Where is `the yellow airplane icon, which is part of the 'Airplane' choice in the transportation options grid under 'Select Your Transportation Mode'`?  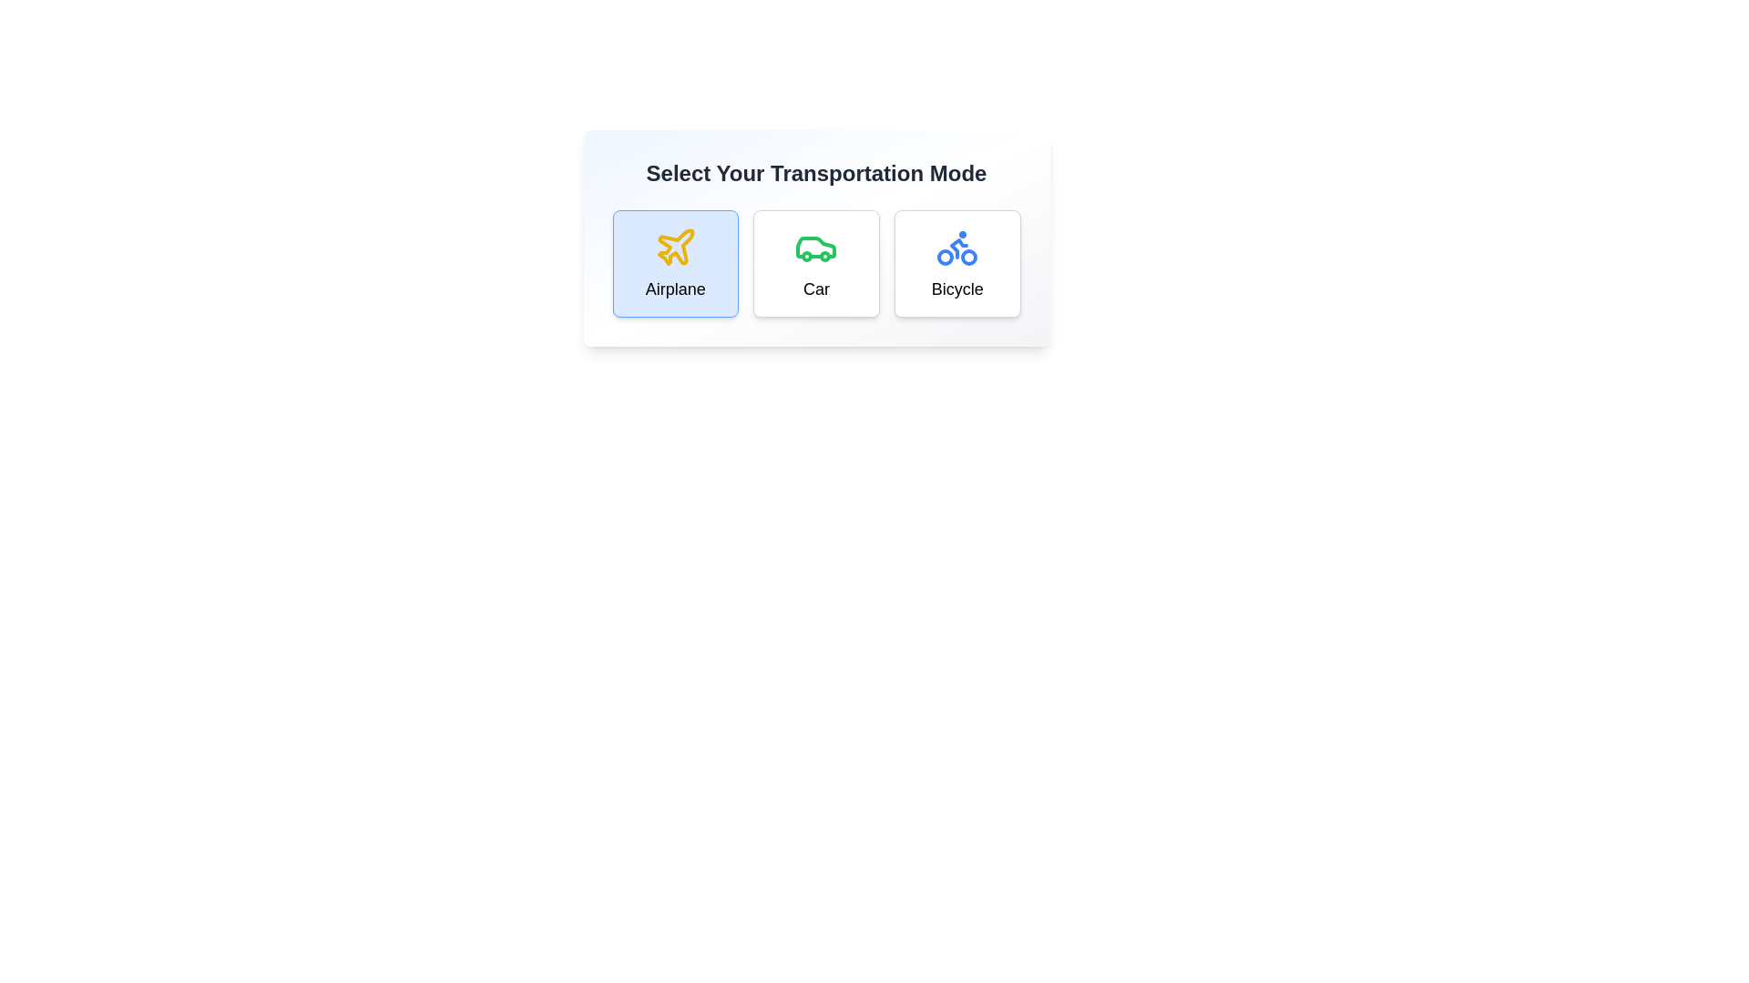 the yellow airplane icon, which is part of the 'Airplane' choice in the transportation options grid under 'Select Your Transportation Mode' is located at coordinates (675, 247).